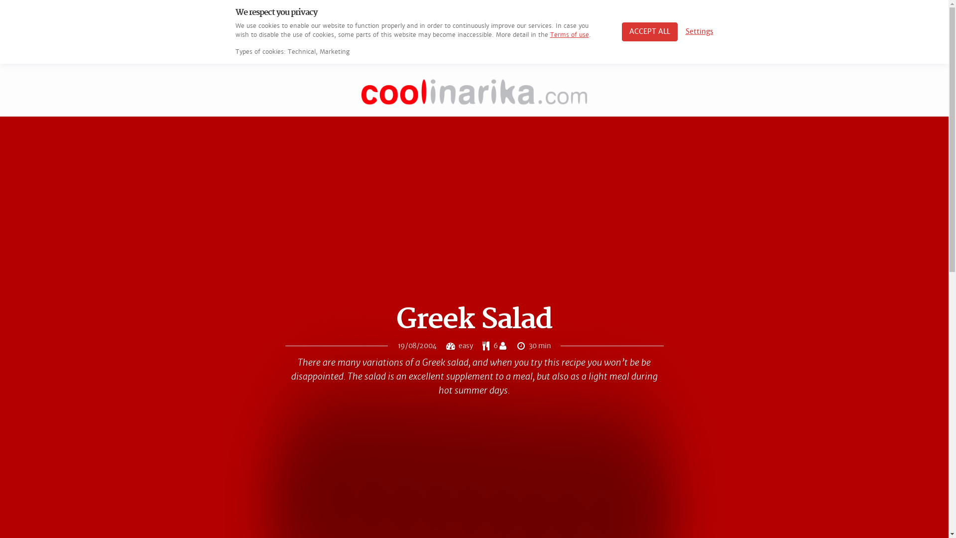  I want to click on 'Terms of use', so click(569, 34).